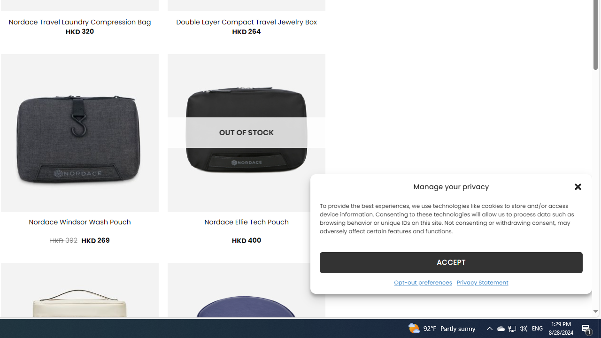 This screenshot has height=338, width=601. I want to click on 'Privacy Statement', so click(482, 282).